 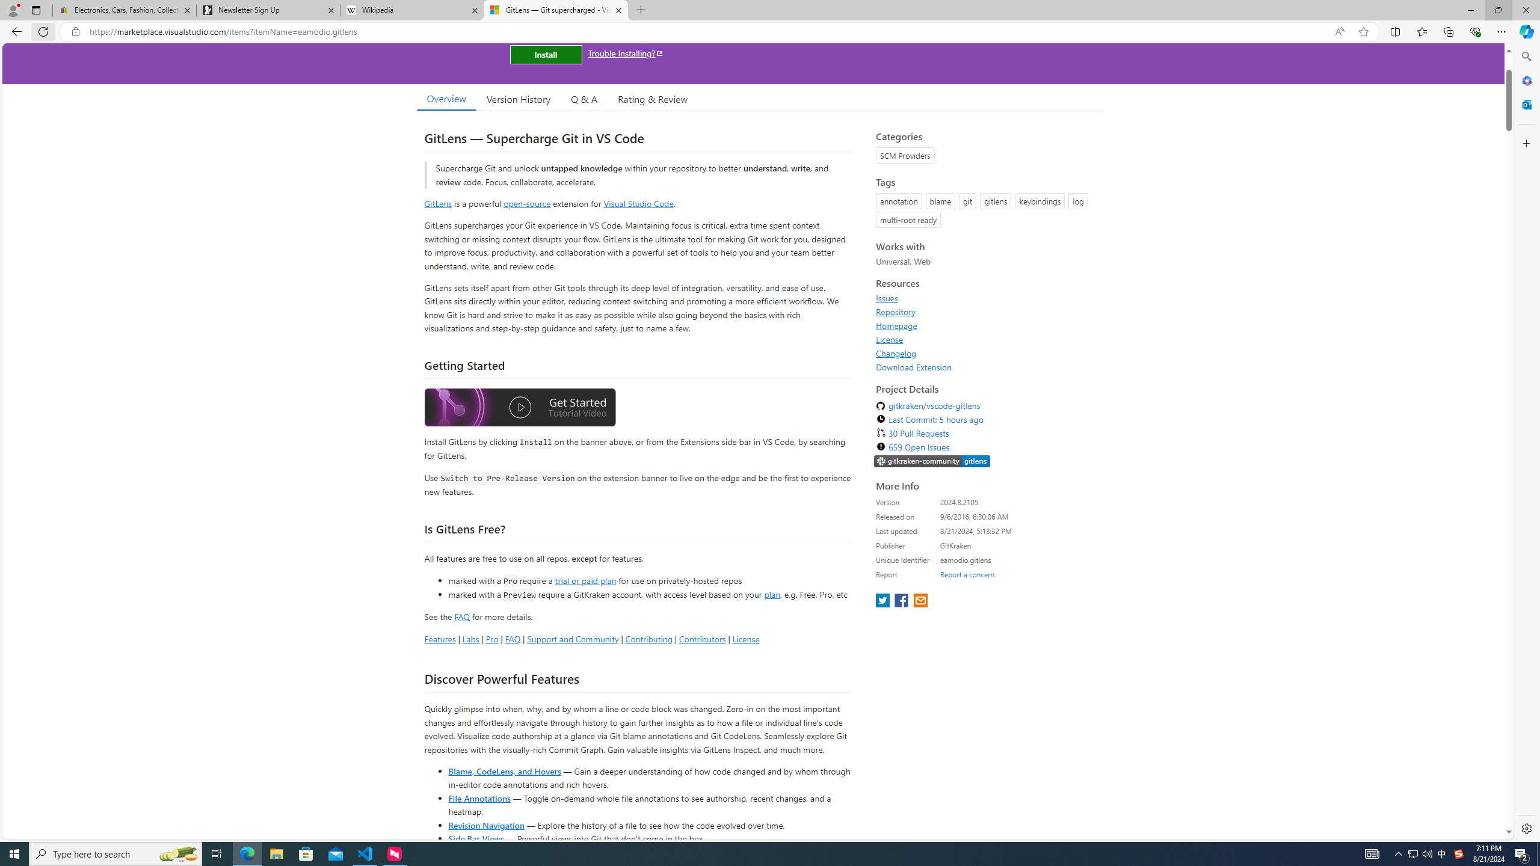 What do you see at coordinates (520, 410) in the screenshot?
I see `'Watch the GitLens Getting Started video'` at bounding box center [520, 410].